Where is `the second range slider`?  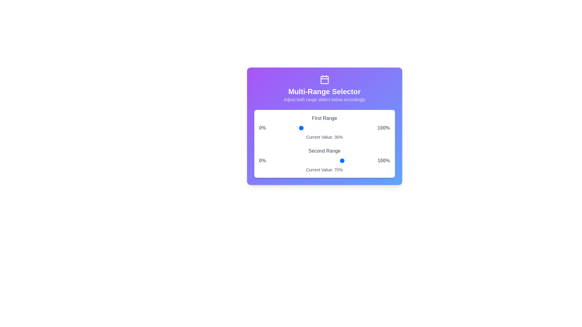
the second range slider is located at coordinates (347, 160).